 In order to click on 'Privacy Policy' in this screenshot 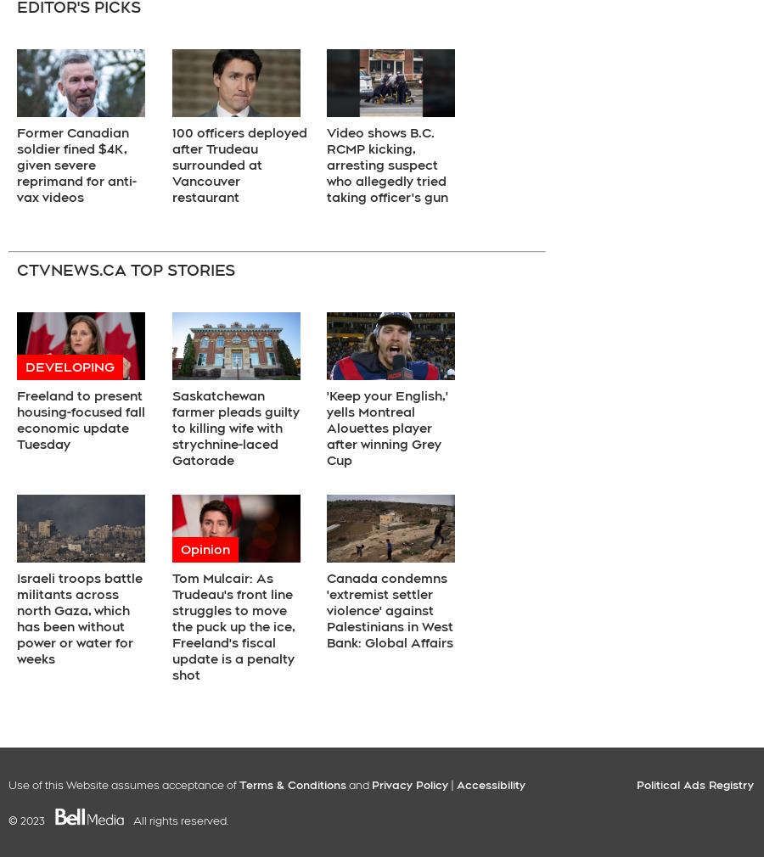, I will do `click(372, 784)`.